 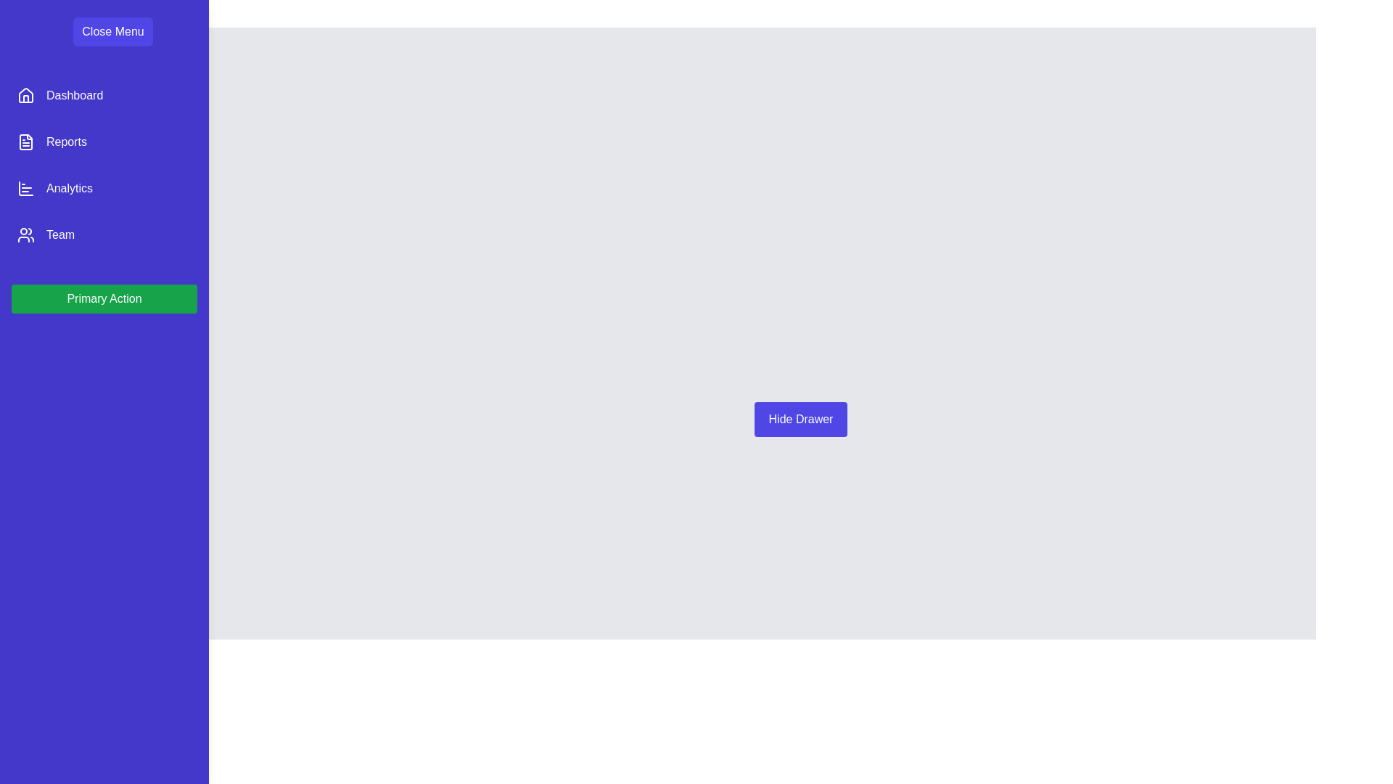 What do you see at coordinates (104, 142) in the screenshot?
I see `the menu item Reports in the sidebar` at bounding box center [104, 142].